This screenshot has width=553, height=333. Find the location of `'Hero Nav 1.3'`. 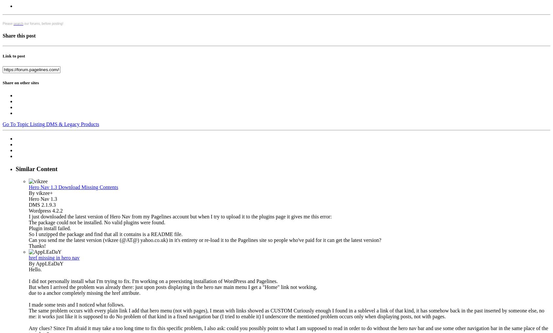

'Hero Nav 1.3' is located at coordinates (42, 198).